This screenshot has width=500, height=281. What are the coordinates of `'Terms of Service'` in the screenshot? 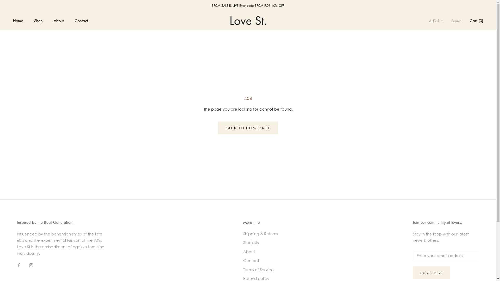 It's located at (260, 269).